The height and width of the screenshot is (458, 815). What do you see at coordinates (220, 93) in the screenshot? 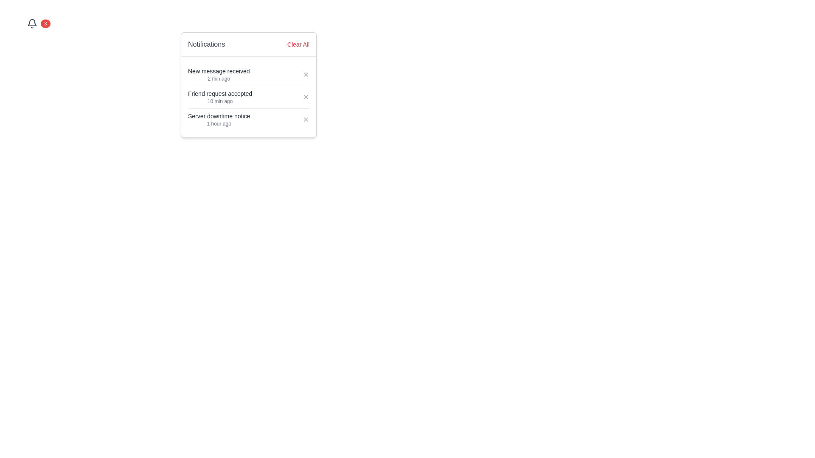
I see `the text label indicating a friend request has been accepted, which is centrally positioned within the second notification item in the list of notifications in the popup box` at bounding box center [220, 93].